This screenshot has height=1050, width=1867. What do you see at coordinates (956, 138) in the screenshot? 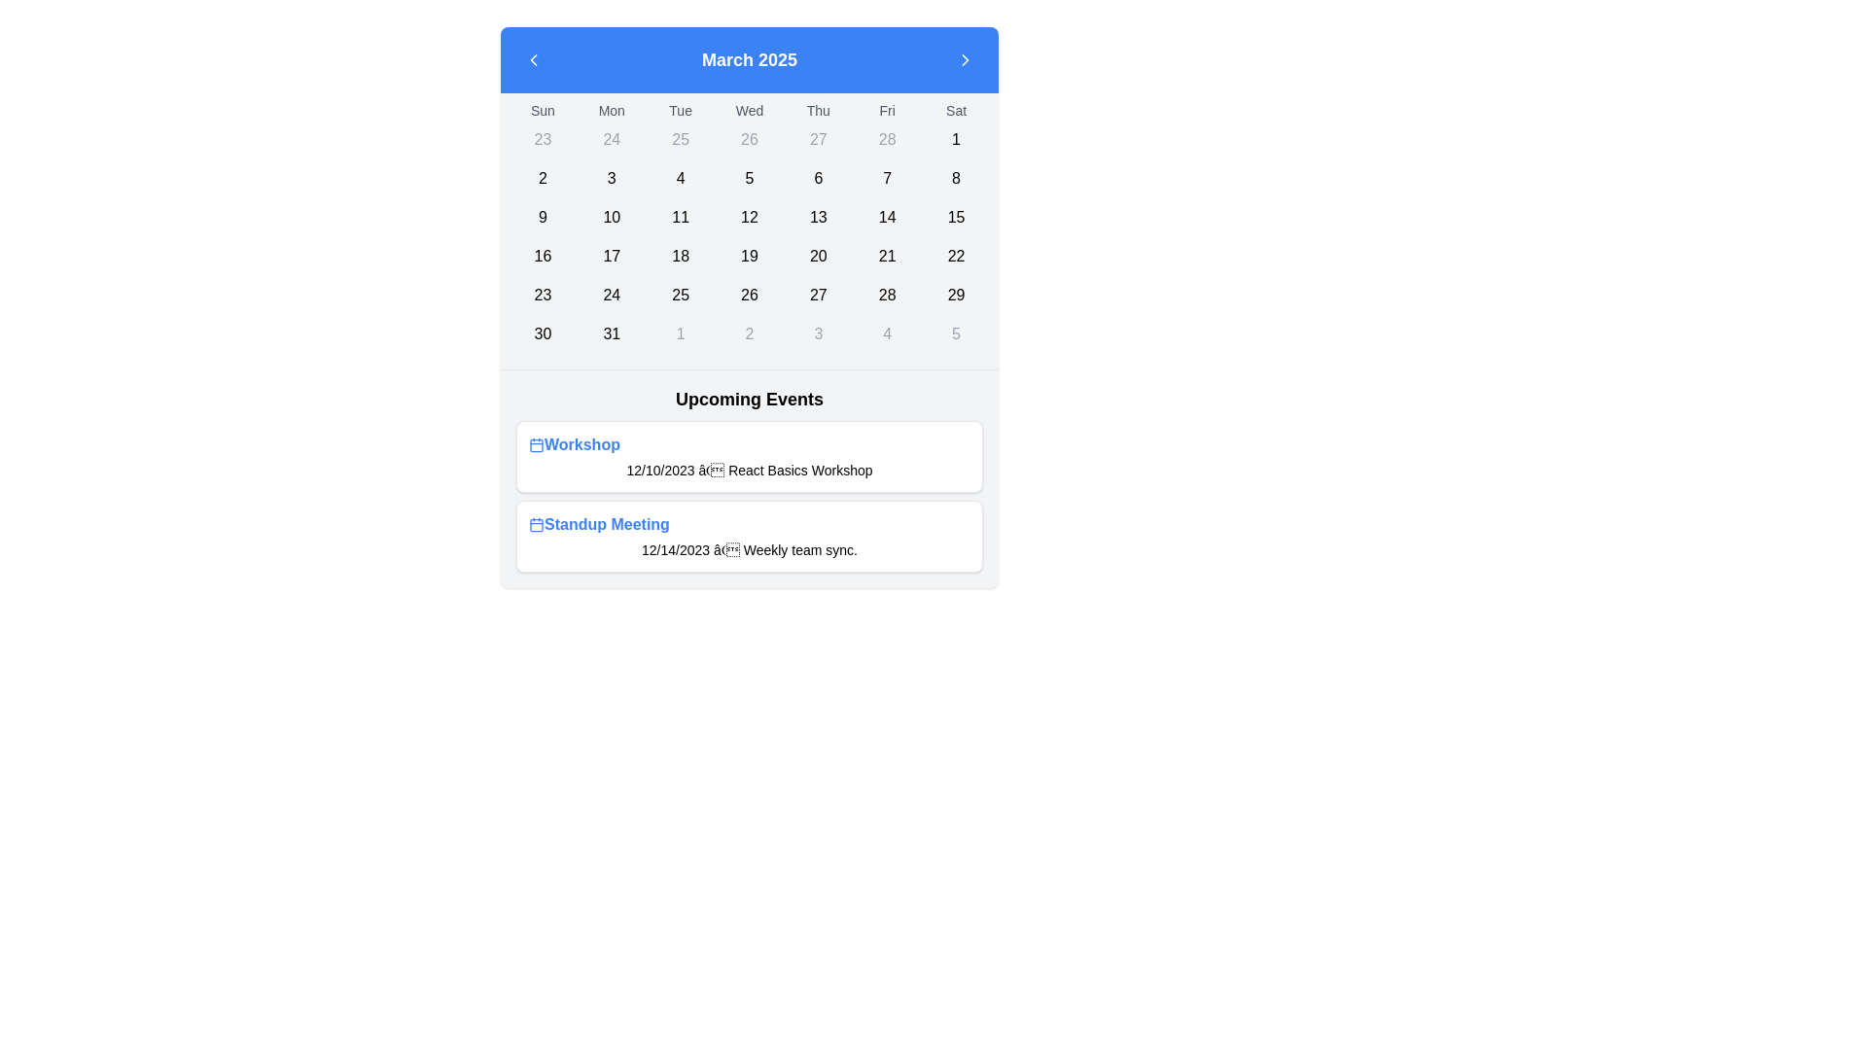
I see `the rectangular button with rounded corners containing the digit '1', located under the 'Sat' column in the calendar grid` at bounding box center [956, 138].